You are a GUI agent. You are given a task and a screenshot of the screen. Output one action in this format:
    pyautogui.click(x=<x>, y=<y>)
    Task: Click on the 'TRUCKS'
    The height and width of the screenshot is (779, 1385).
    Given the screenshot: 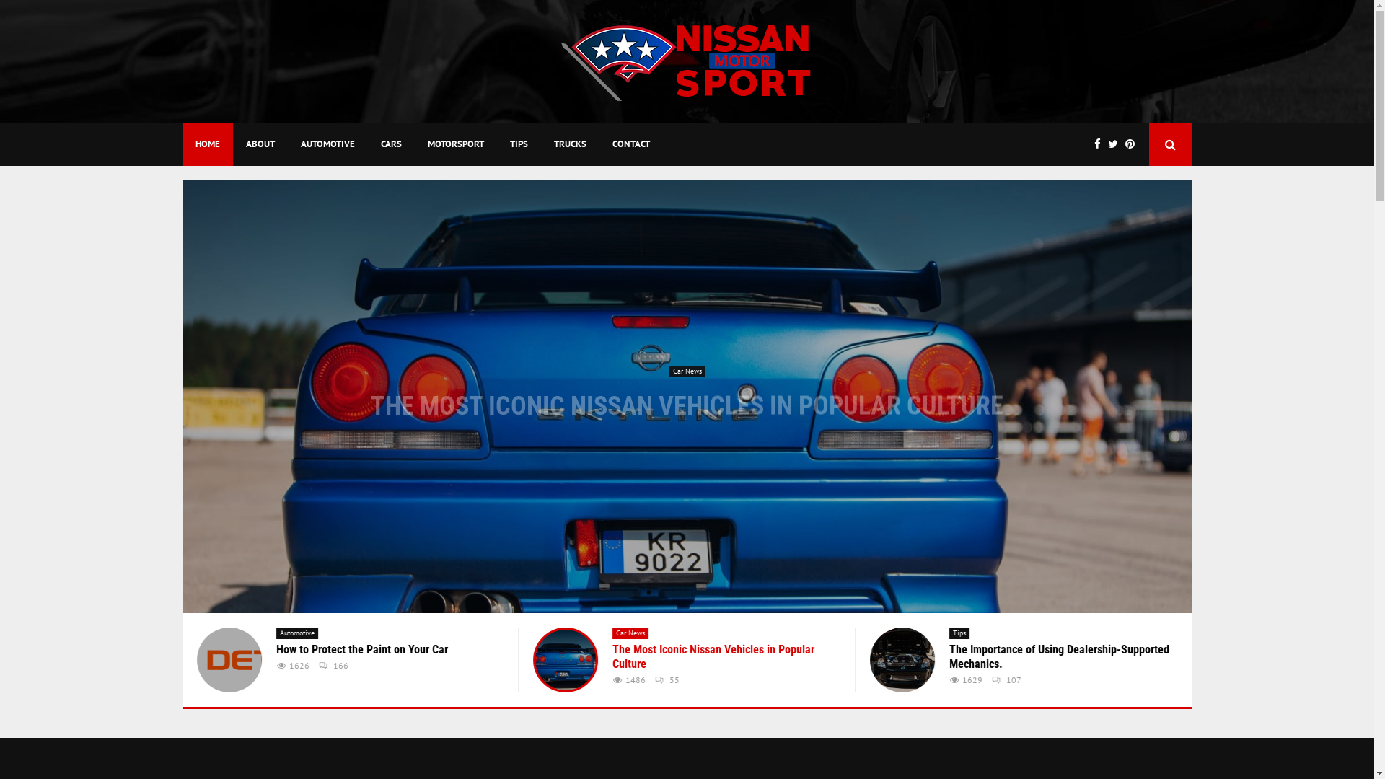 What is the action you would take?
    pyautogui.click(x=569, y=144)
    